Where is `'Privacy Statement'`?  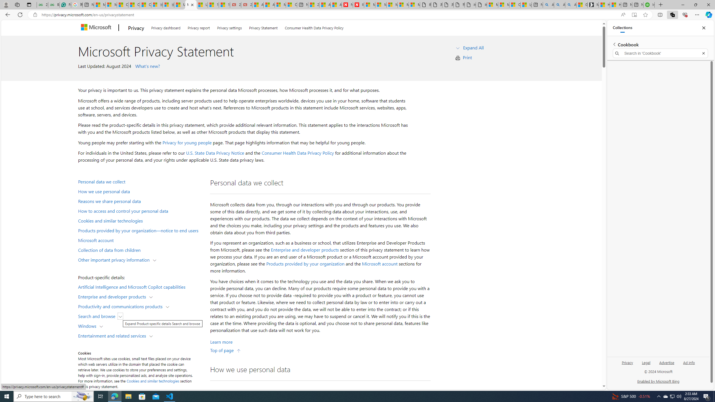 'Privacy Statement' is located at coordinates (263, 27).